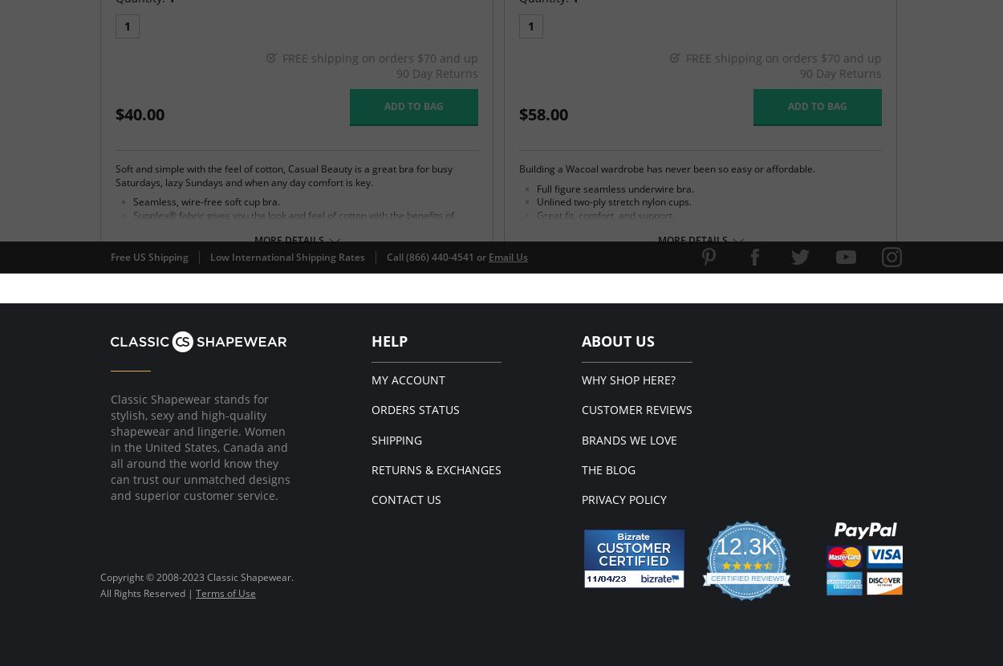 This screenshot has width=1003, height=666. Describe the element at coordinates (158, 356) in the screenshot. I see `'Lining: 100% Nylon.'` at that location.